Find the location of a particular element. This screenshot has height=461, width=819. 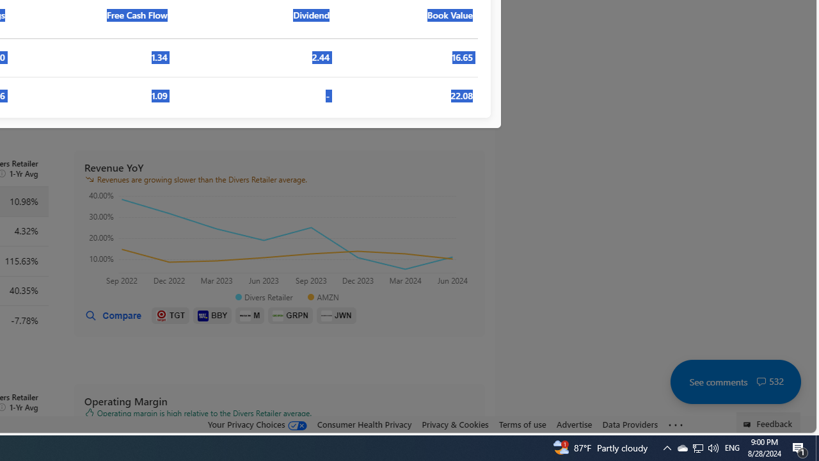

'Your Privacy Choices' is located at coordinates (256, 424).